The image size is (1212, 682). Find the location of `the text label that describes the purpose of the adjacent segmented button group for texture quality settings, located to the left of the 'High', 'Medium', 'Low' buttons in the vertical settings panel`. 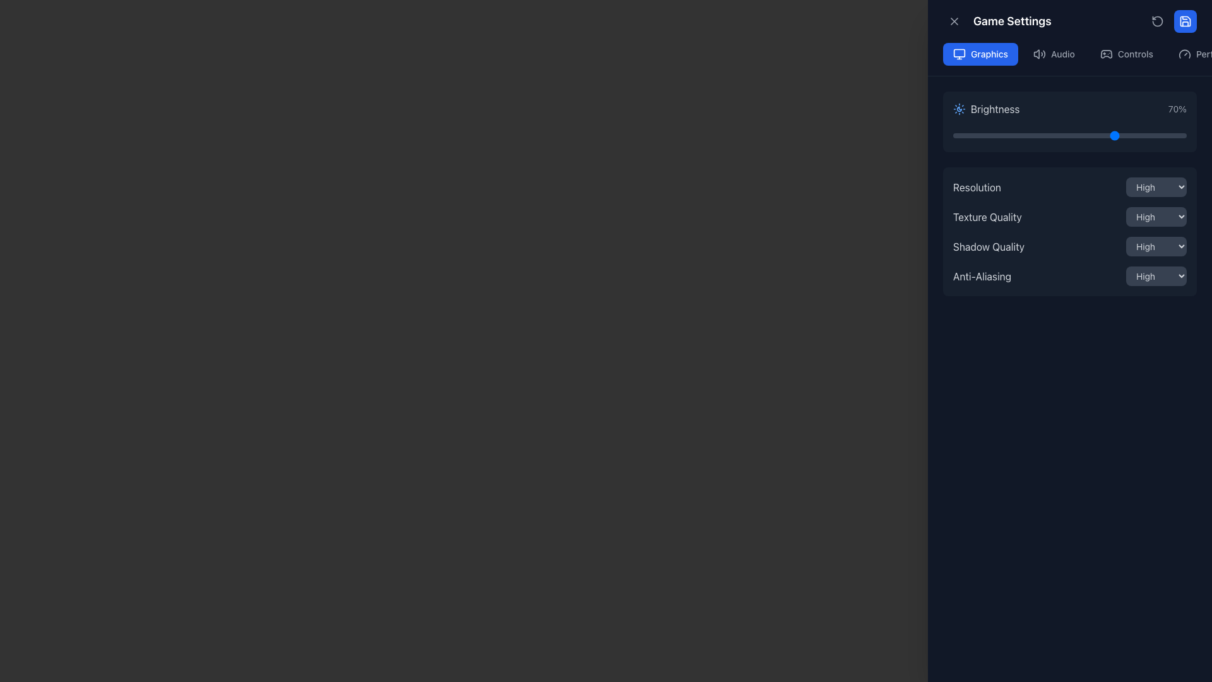

the text label that describes the purpose of the adjacent segmented button group for texture quality settings, located to the left of the 'High', 'Medium', 'Low' buttons in the vertical settings panel is located at coordinates (987, 216).